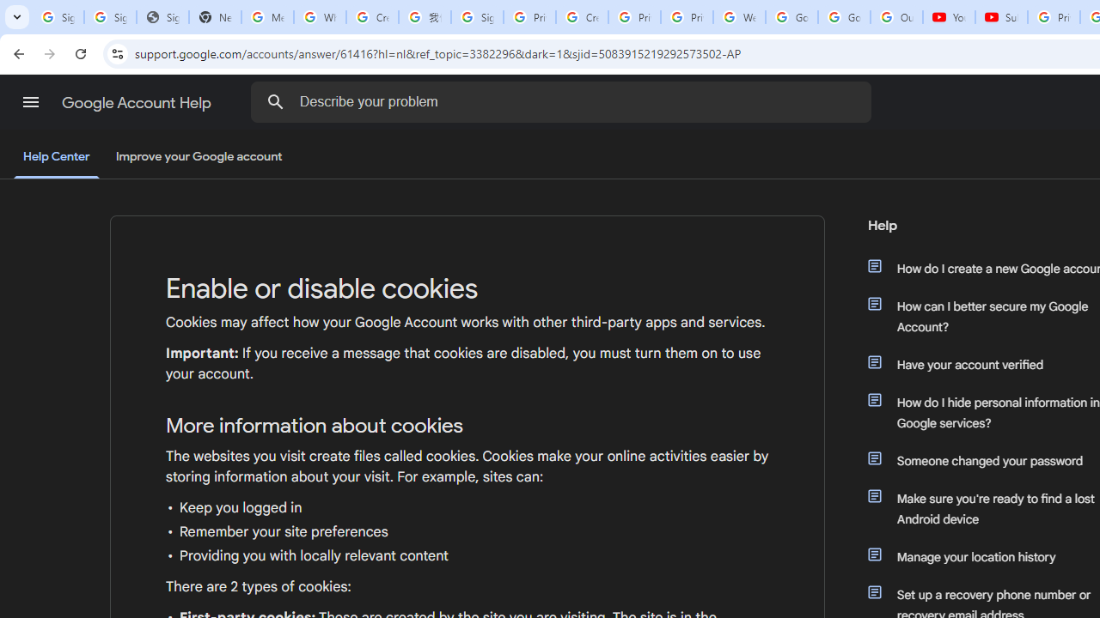 The image size is (1100, 618). Describe the element at coordinates (477, 17) in the screenshot. I see `'Sign in - Google Accounts'` at that location.